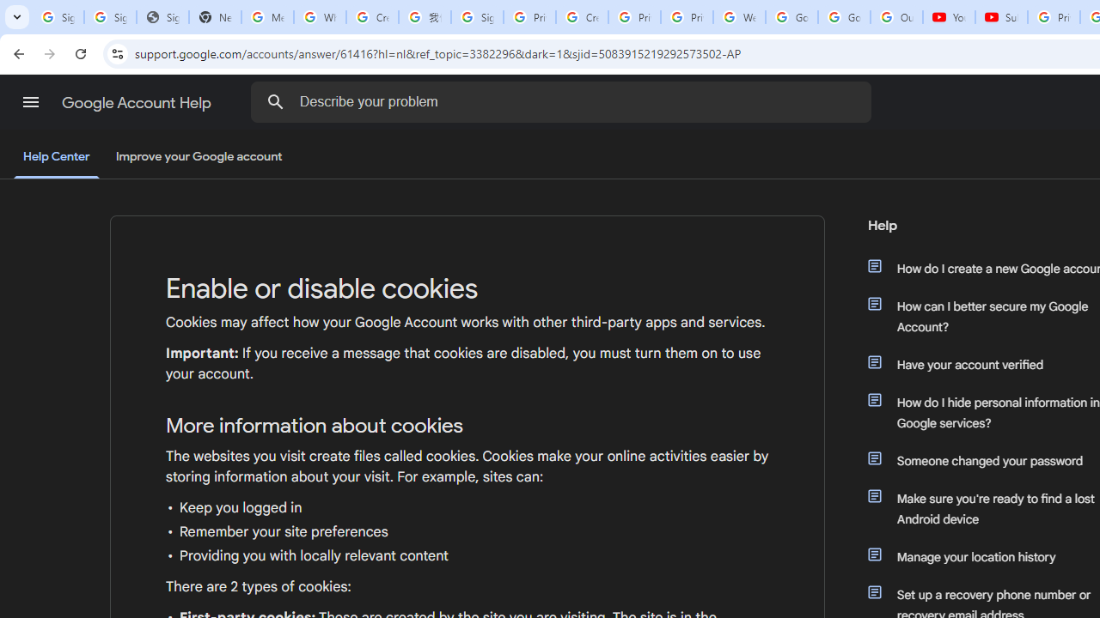 The image size is (1100, 618). Describe the element at coordinates (477, 17) in the screenshot. I see `'Sign in - Google Accounts'` at that location.